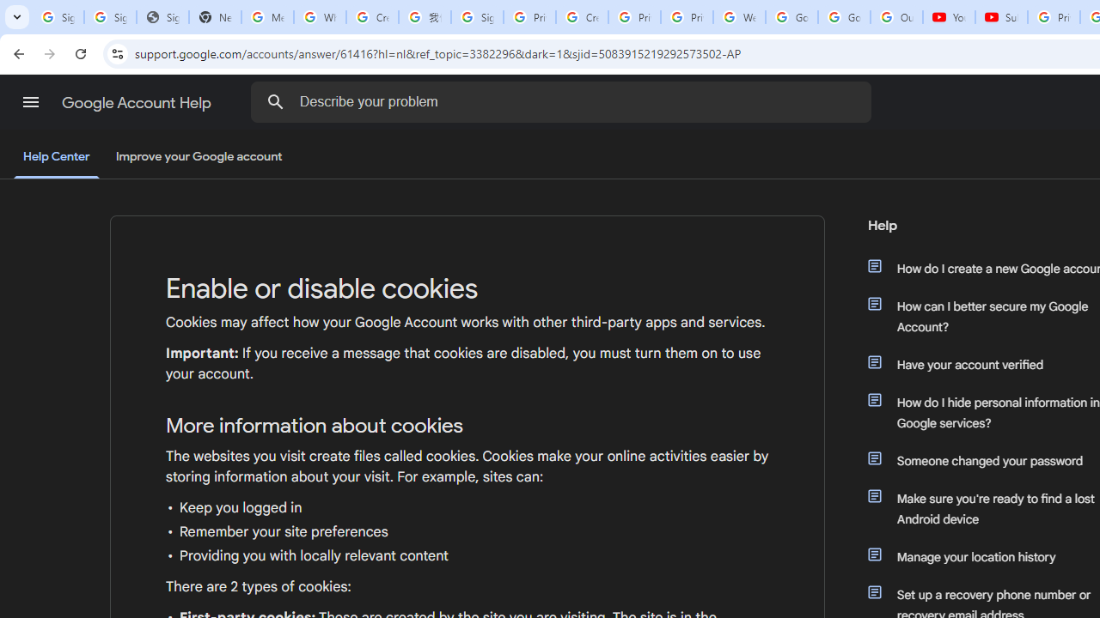 The image size is (1100, 618). Describe the element at coordinates (477, 17) in the screenshot. I see `'Sign in - Google Accounts'` at that location.